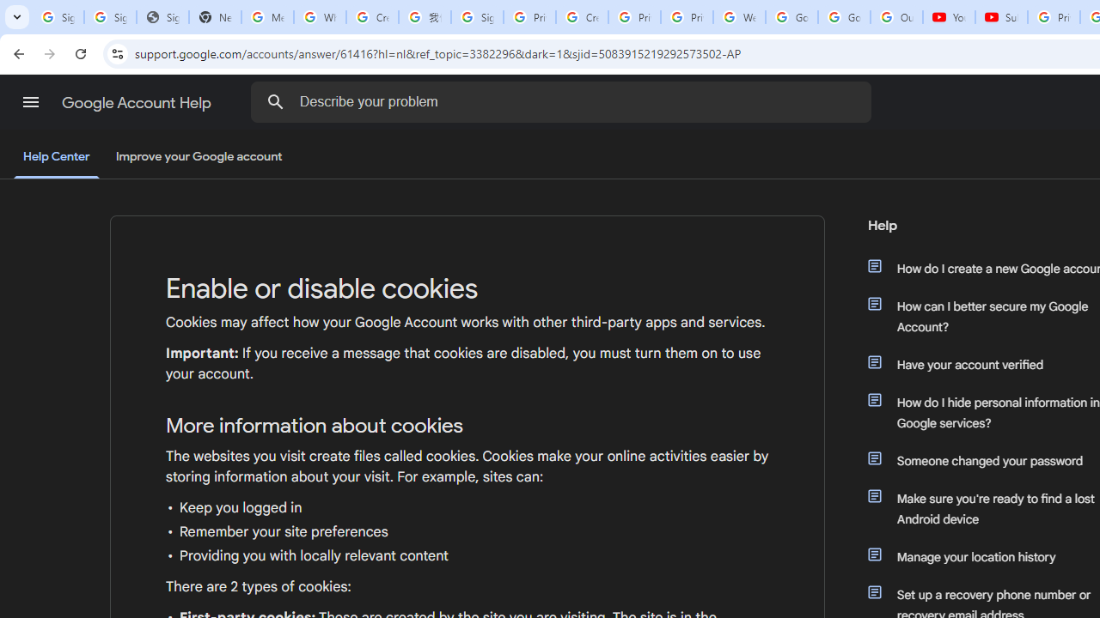 The image size is (1100, 618). Describe the element at coordinates (477, 17) in the screenshot. I see `'Sign in - Google Accounts'` at that location.